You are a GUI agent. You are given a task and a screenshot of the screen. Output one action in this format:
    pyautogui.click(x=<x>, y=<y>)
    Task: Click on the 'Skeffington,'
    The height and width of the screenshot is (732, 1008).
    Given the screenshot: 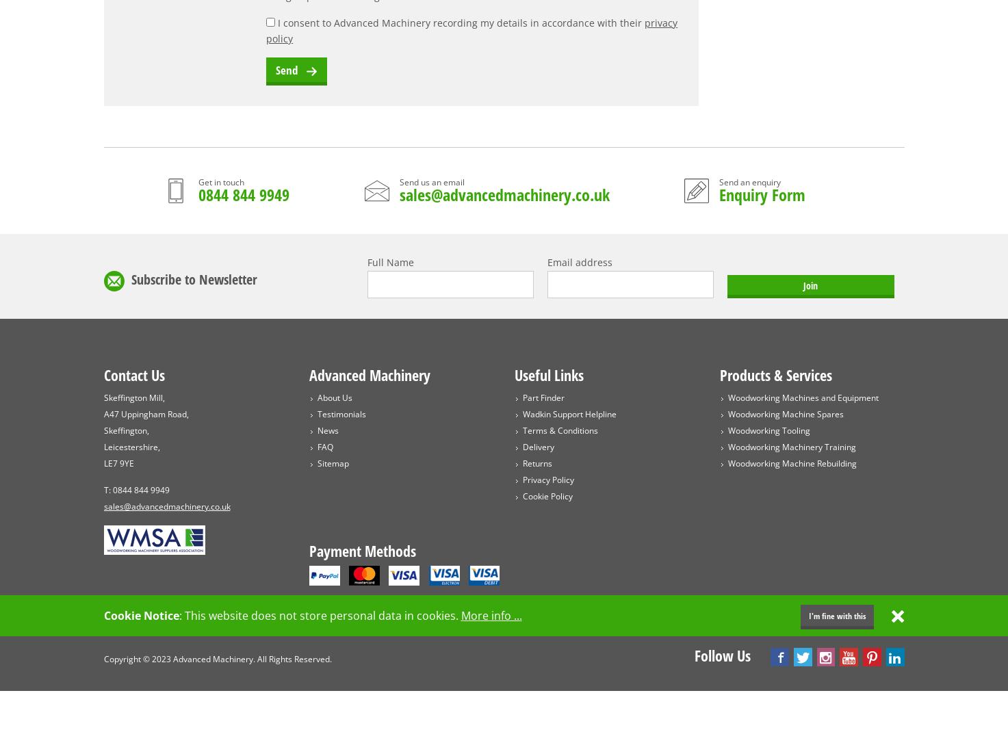 What is the action you would take?
    pyautogui.click(x=125, y=430)
    